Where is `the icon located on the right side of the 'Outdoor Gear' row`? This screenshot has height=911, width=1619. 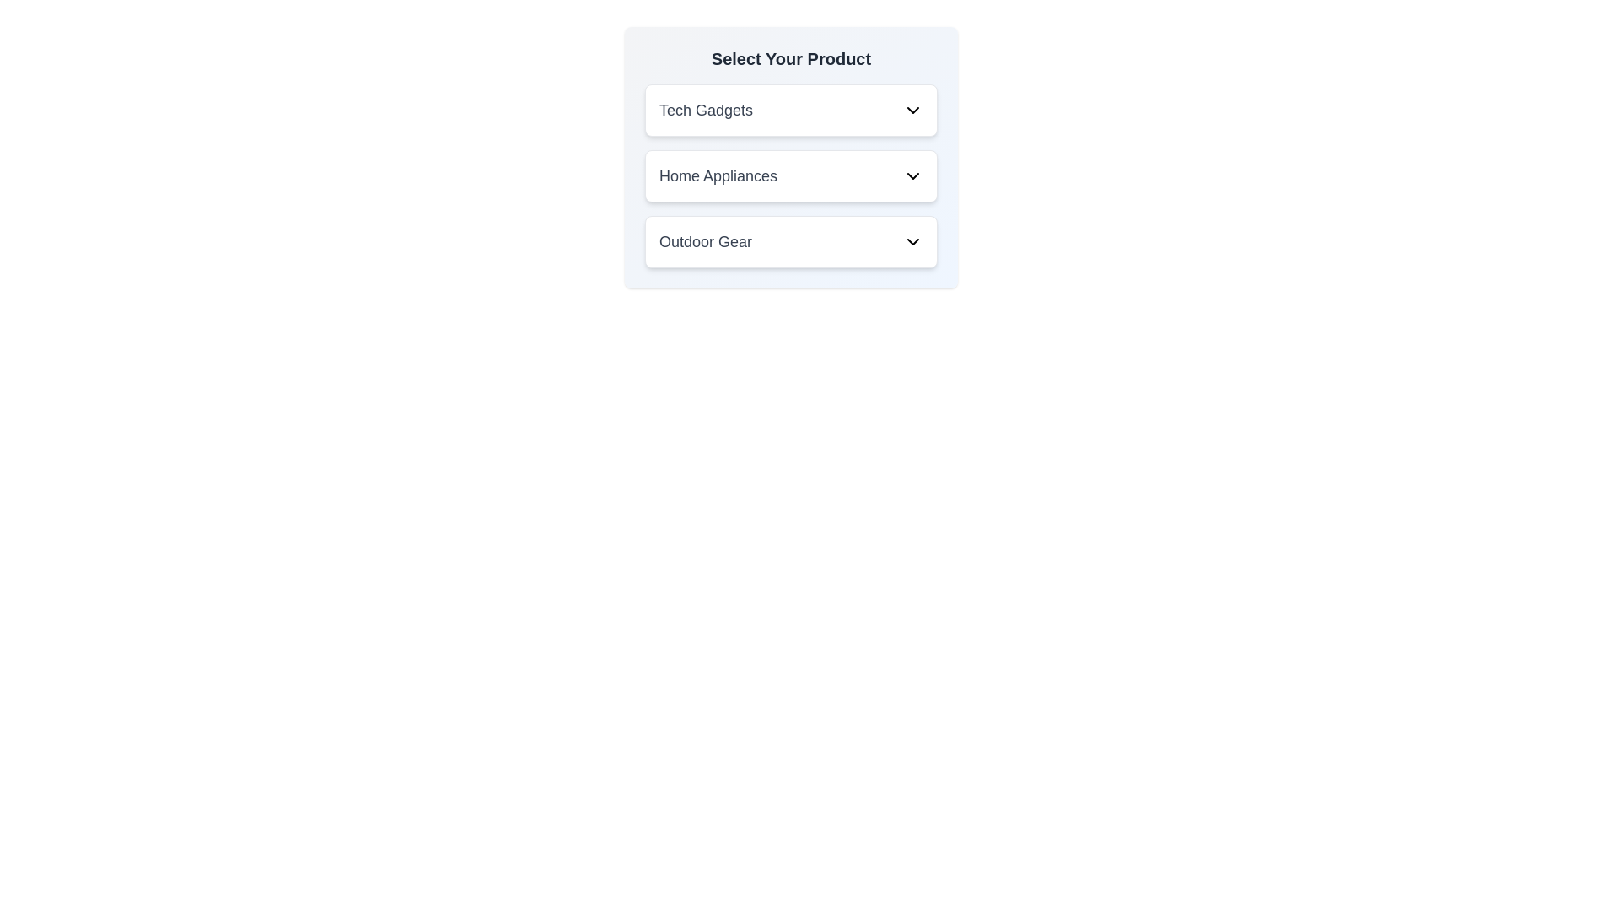
the icon located on the right side of the 'Outdoor Gear' row is located at coordinates (912, 241).